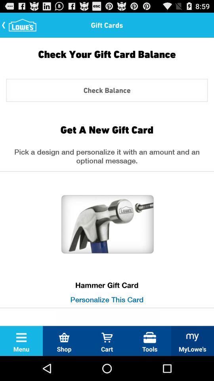 The height and width of the screenshot is (381, 214). Describe the element at coordinates (107, 90) in the screenshot. I see `the option check balance` at that location.